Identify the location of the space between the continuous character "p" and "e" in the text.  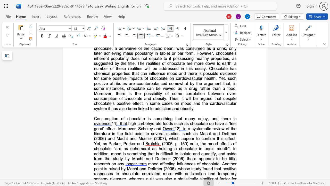
(188, 138).